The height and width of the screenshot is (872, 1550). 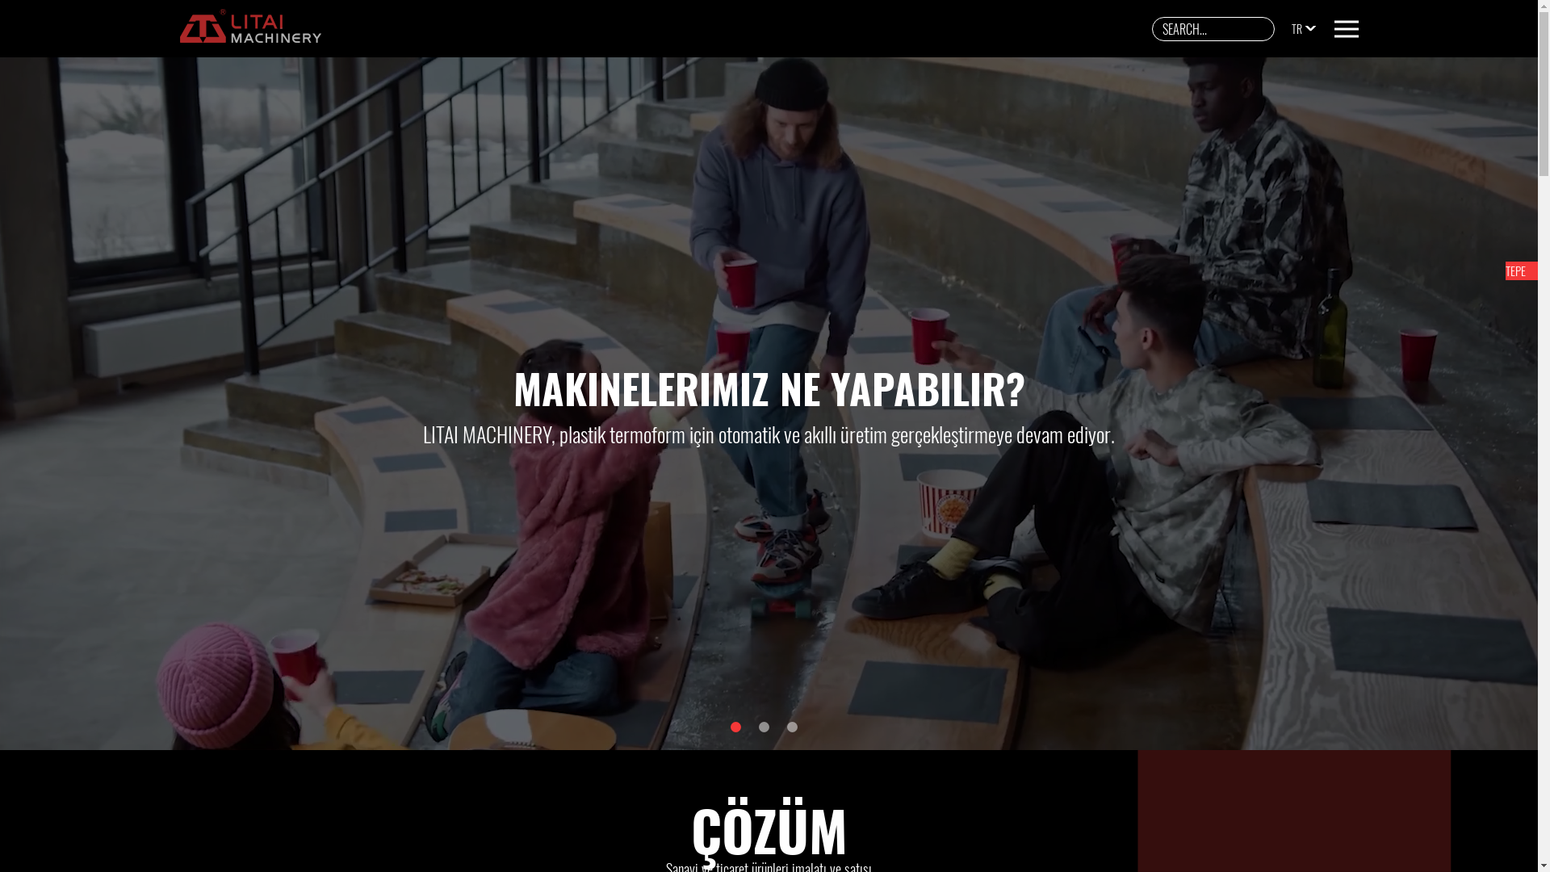 What do you see at coordinates (763, 727) in the screenshot?
I see `'2'` at bounding box center [763, 727].